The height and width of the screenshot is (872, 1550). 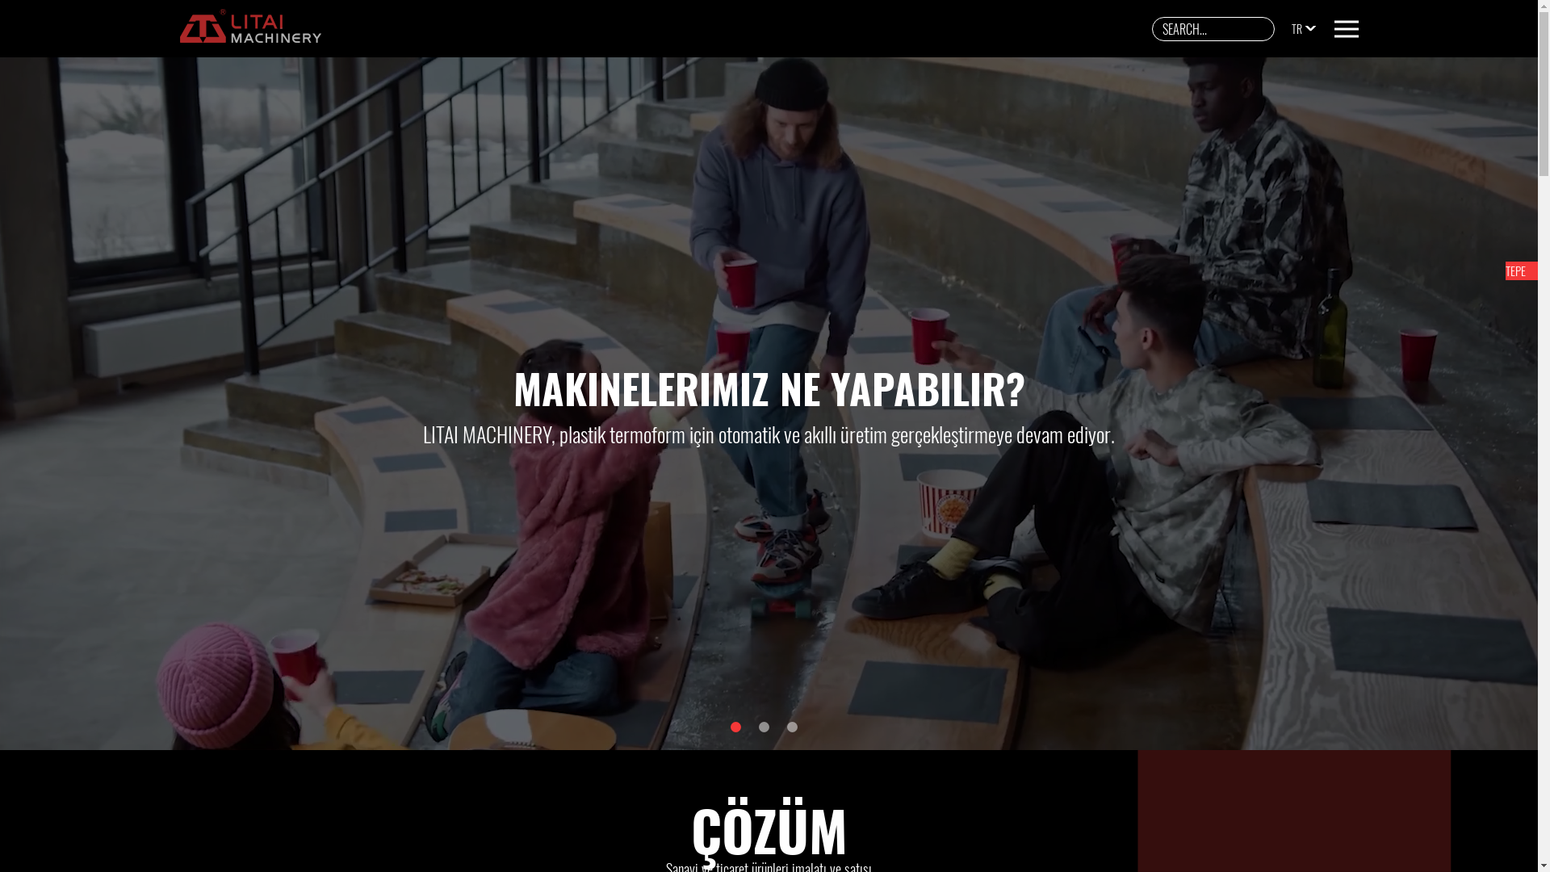 What do you see at coordinates (763, 727) in the screenshot?
I see `'2'` at bounding box center [763, 727].